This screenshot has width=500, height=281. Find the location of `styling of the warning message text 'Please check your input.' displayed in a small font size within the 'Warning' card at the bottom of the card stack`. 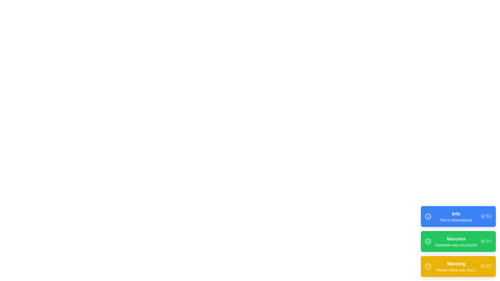

styling of the warning message text 'Please check your input.' displayed in a small font size within the 'Warning' card at the bottom of the card stack is located at coordinates (456, 270).